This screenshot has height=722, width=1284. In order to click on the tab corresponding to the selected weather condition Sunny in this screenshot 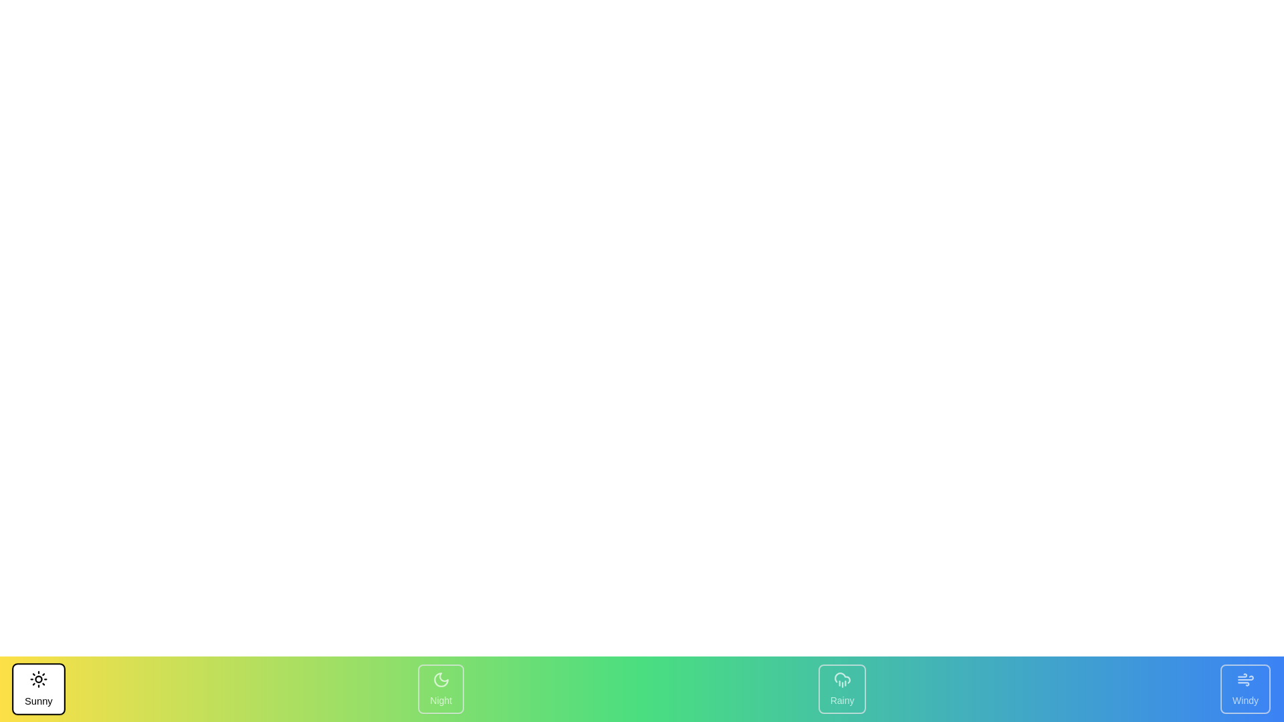, I will do `click(38, 689)`.